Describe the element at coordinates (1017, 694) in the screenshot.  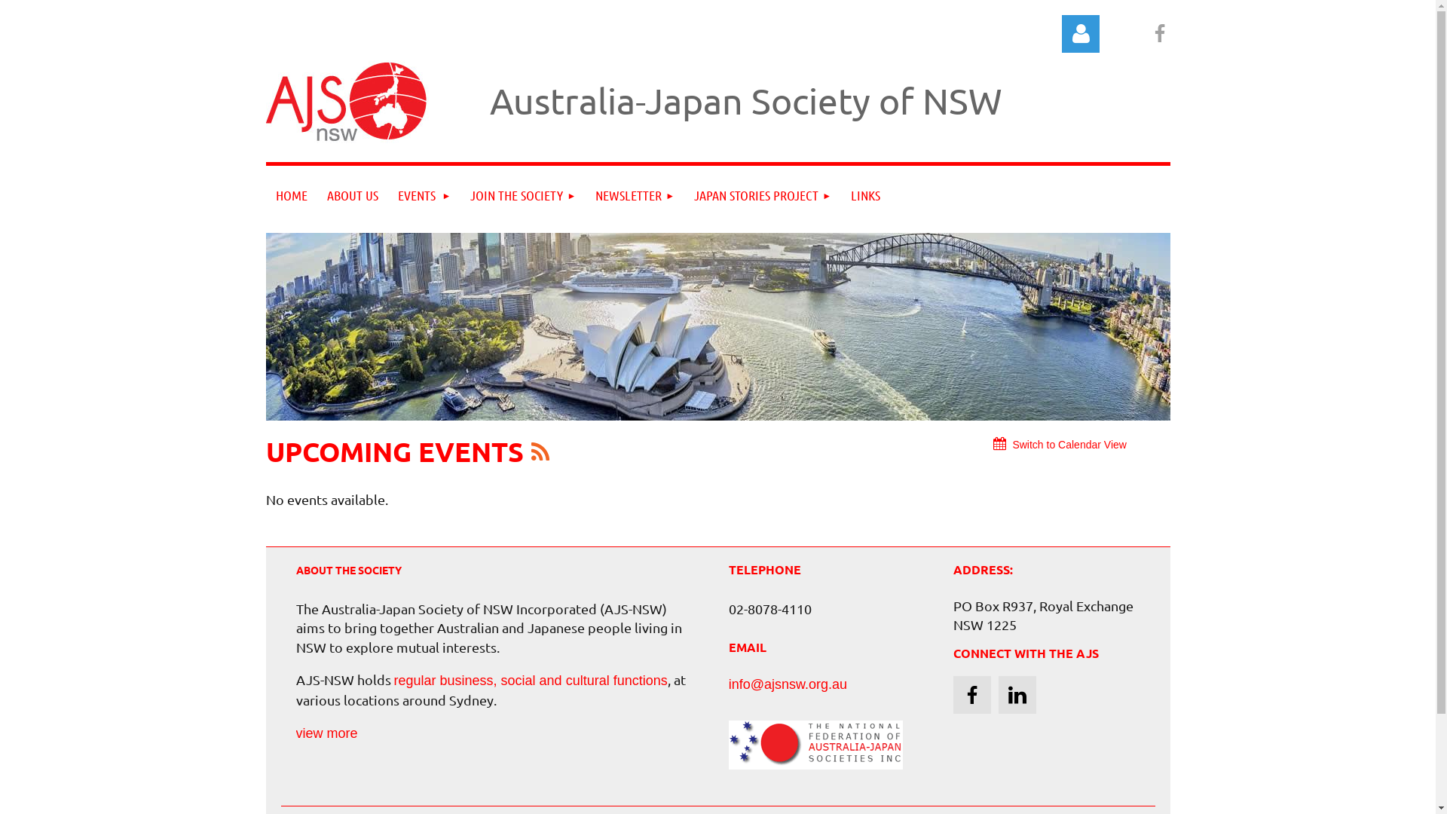
I see `'LinkedIn'` at that location.